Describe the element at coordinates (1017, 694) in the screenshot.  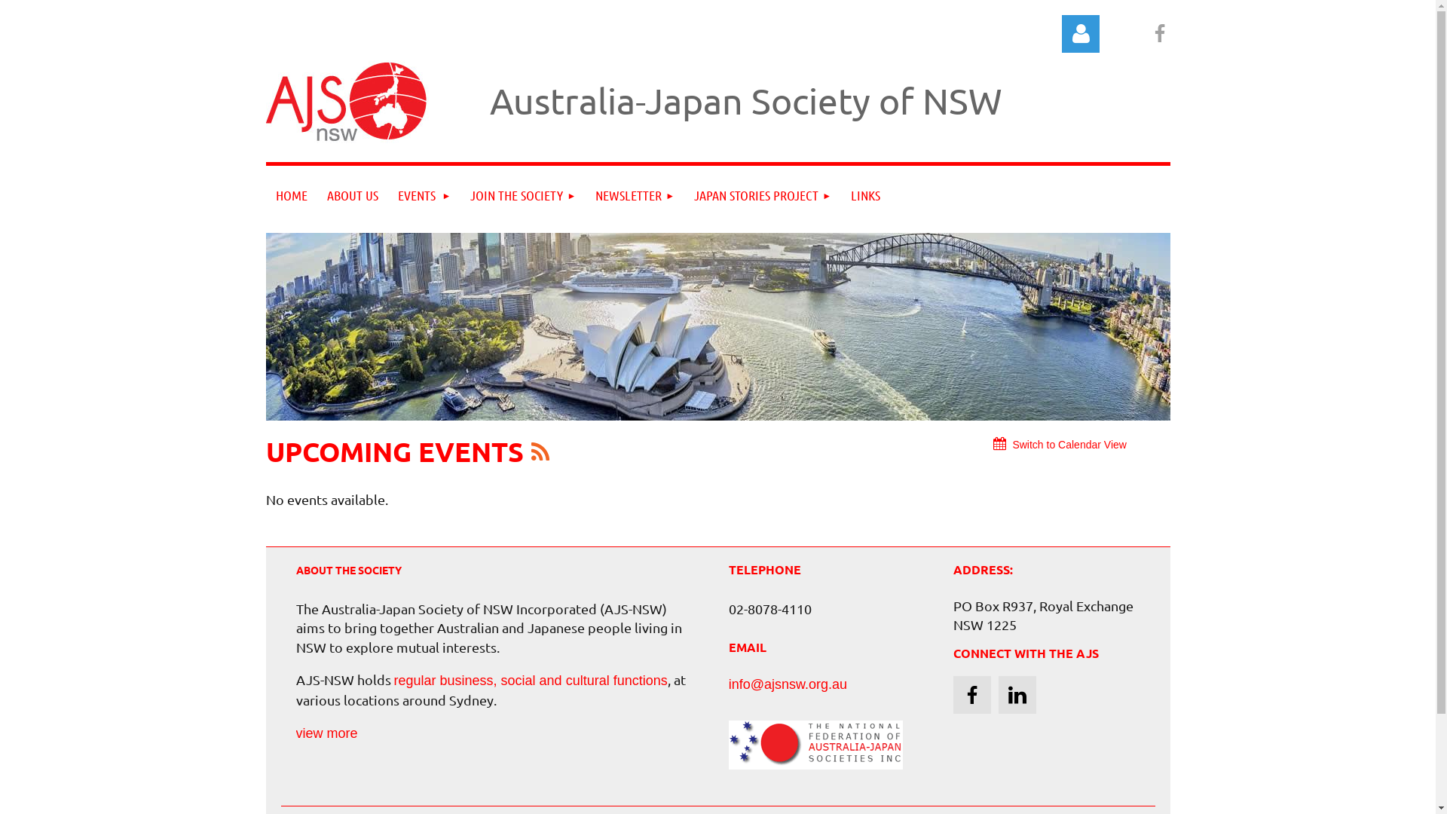
I see `'LinkedIn'` at that location.